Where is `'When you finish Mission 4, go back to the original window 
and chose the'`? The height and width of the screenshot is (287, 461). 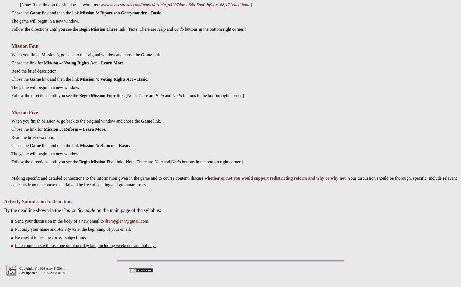
'When you finish Mission 4, go back to the original window 
and chose the' is located at coordinates (76, 121).